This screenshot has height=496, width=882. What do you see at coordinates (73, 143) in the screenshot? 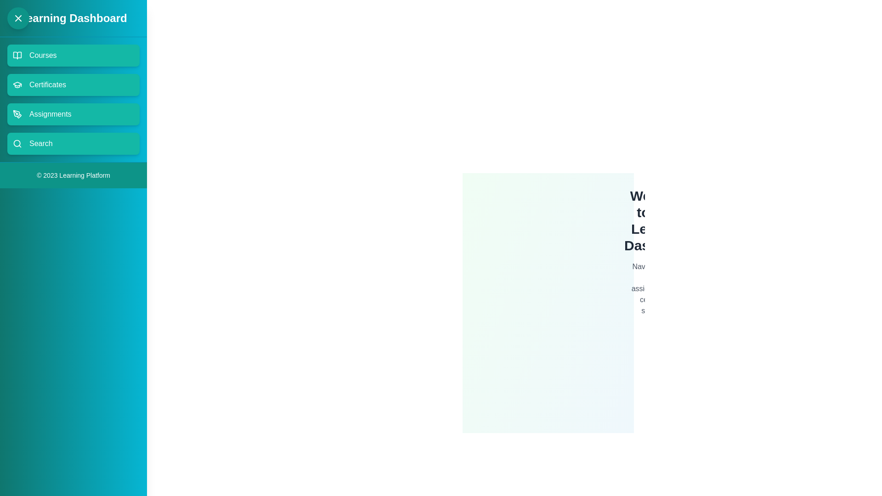
I see `the search button located as the fourth option in the vertical list of buttons in the left-side navigation panel` at bounding box center [73, 143].